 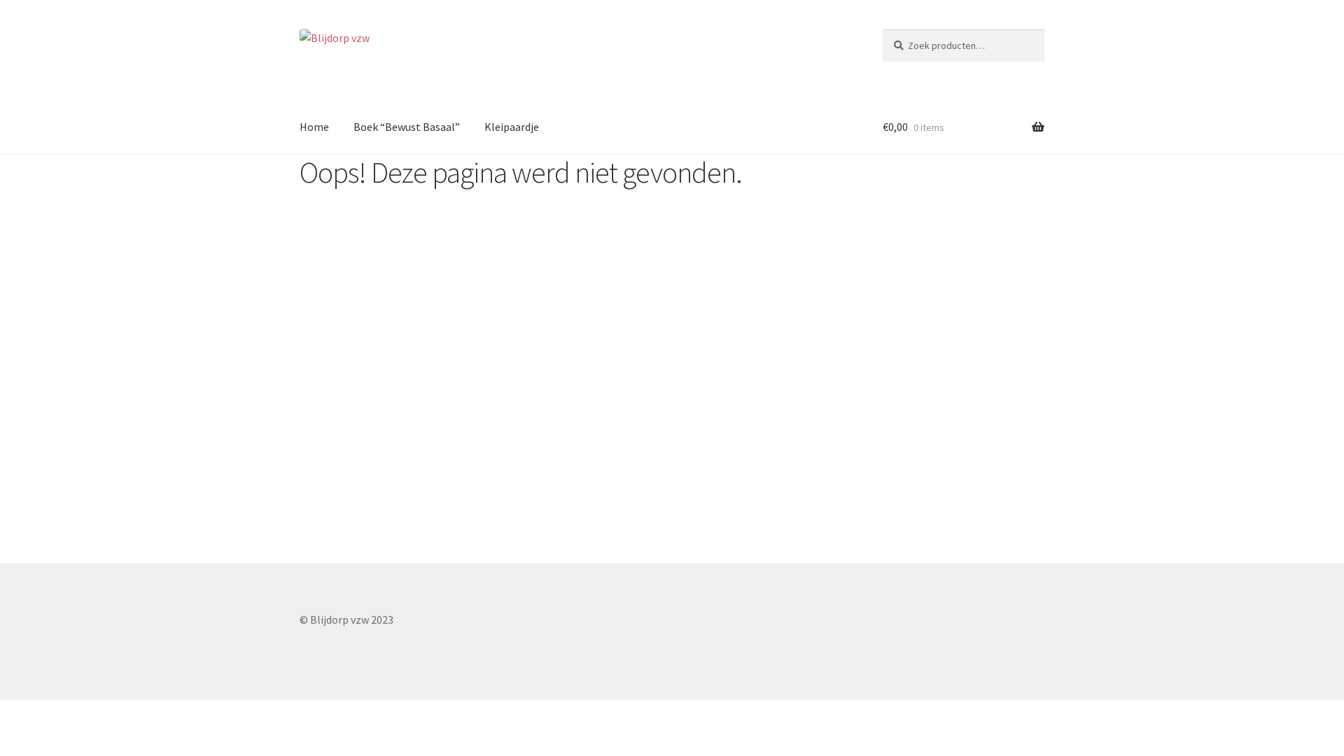 What do you see at coordinates (510, 127) in the screenshot?
I see `'Kleipaardje'` at bounding box center [510, 127].